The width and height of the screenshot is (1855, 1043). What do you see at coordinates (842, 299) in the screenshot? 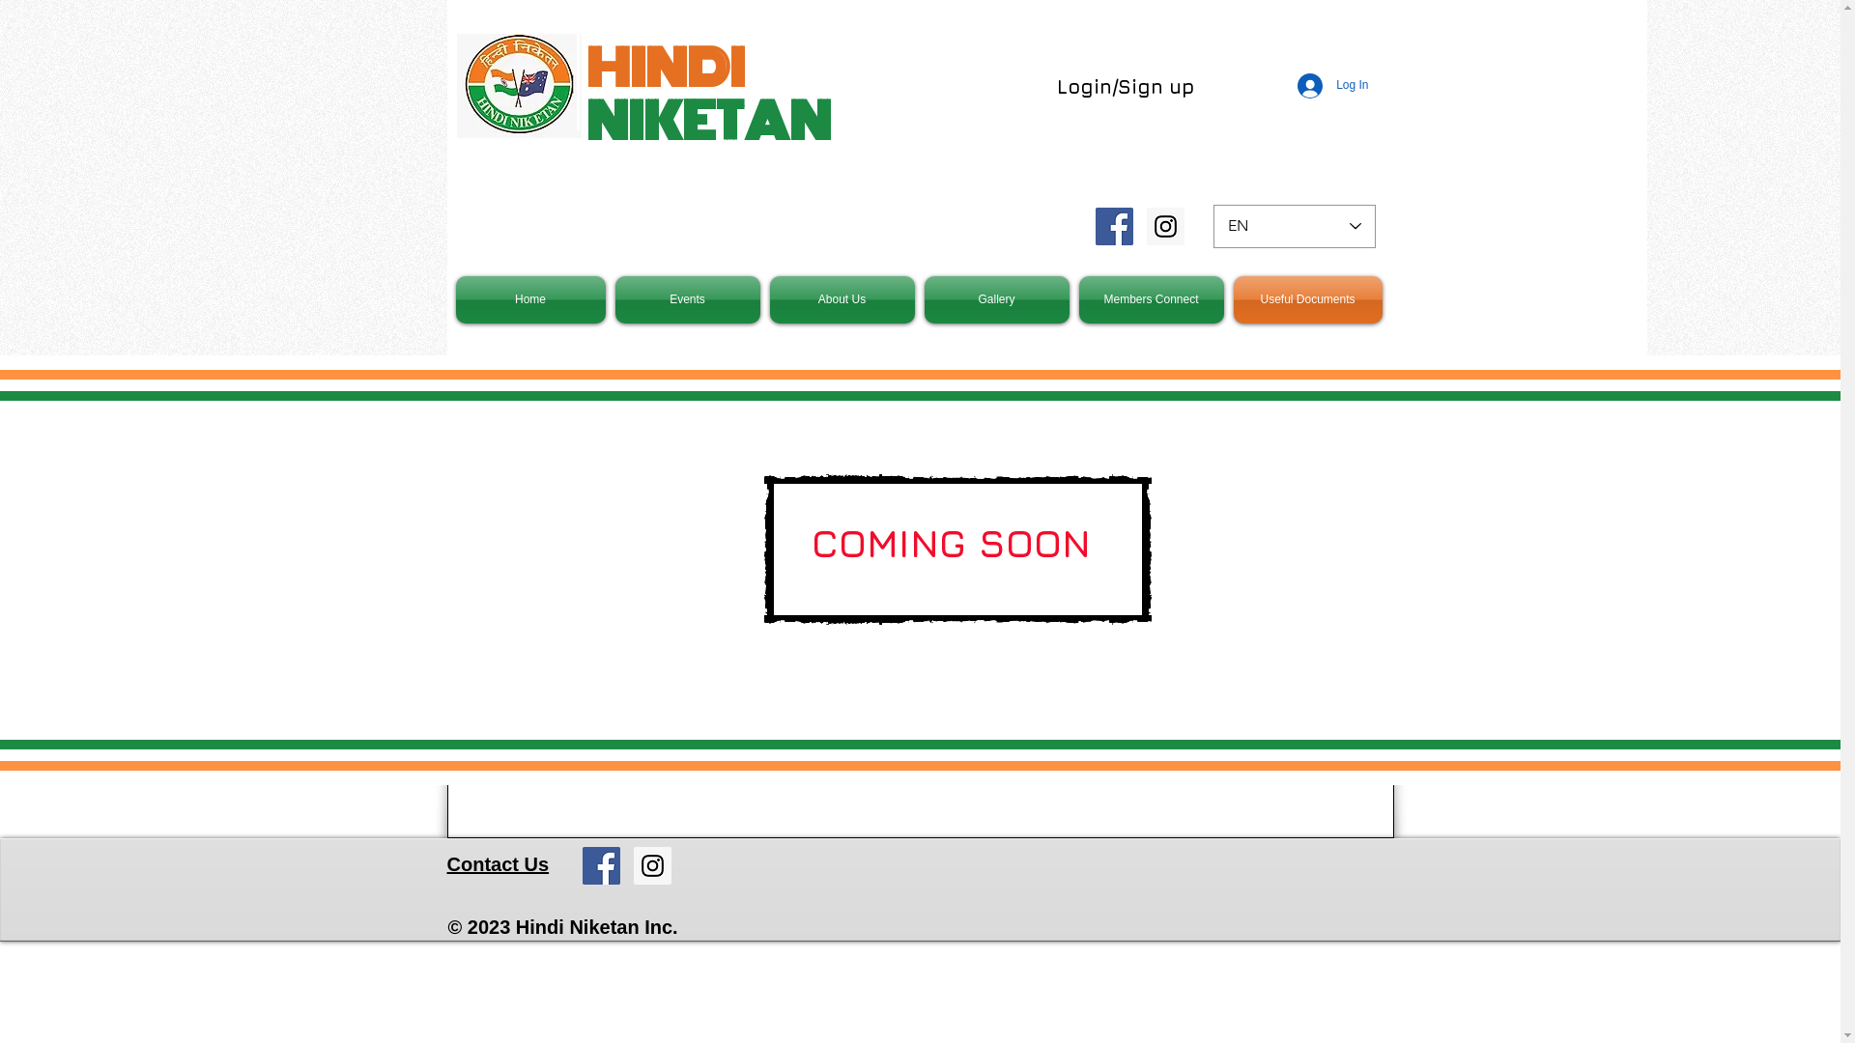
I see `'About Us'` at bounding box center [842, 299].